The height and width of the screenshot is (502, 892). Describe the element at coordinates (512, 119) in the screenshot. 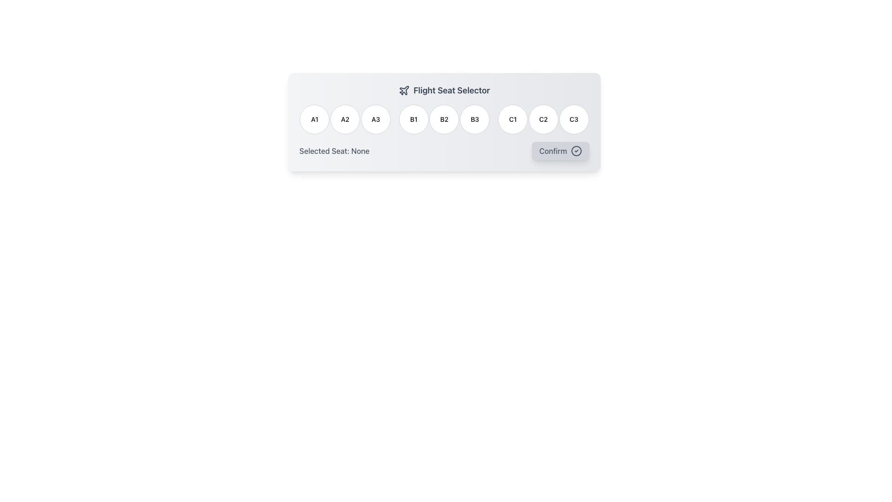

I see `the selectable seat button labeled 'C1' in the flight seat selection interface to observe hover effects` at that location.